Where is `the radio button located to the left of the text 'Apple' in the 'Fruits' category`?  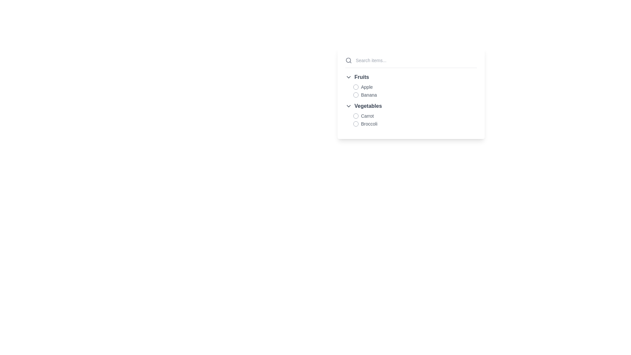
the radio button located to the left of the text 'Apple' in the 'Fruits' category is located at coordinates (355, 87).